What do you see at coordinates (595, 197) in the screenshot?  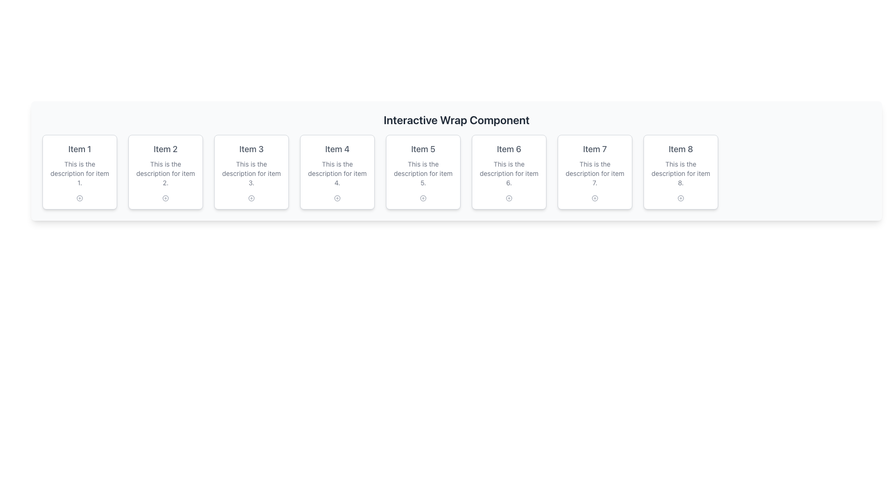 I see `the circular '+' button located in the seventh card of the grid layout` at bounding box center [595, 197].